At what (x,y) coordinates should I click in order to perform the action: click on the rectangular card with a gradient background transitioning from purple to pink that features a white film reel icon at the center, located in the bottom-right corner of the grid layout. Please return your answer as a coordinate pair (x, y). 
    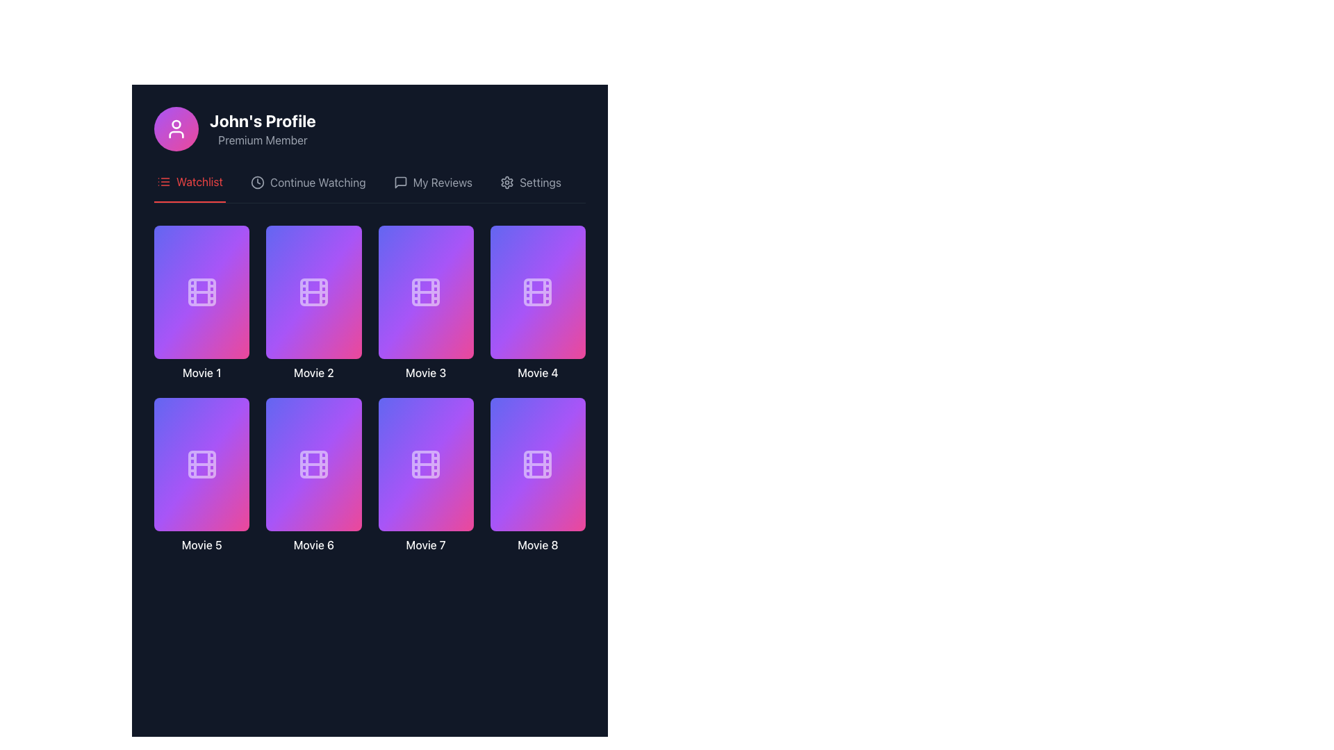
    Looking at the image, I should click on (537, 475).